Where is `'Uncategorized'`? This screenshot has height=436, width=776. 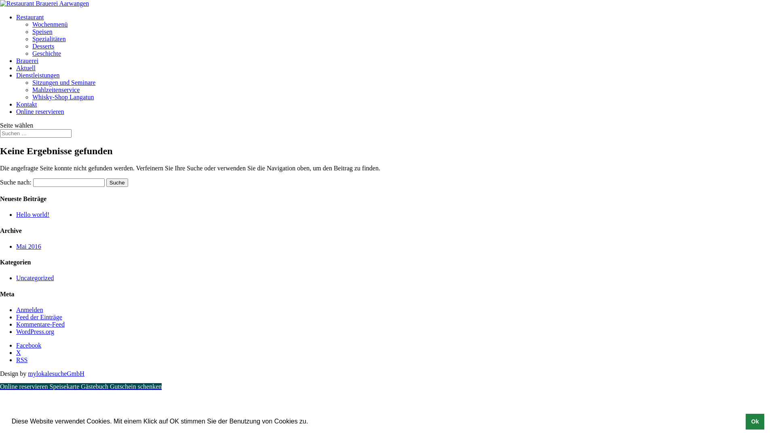 'Uncategorized' is located at coordinates (34, 277).